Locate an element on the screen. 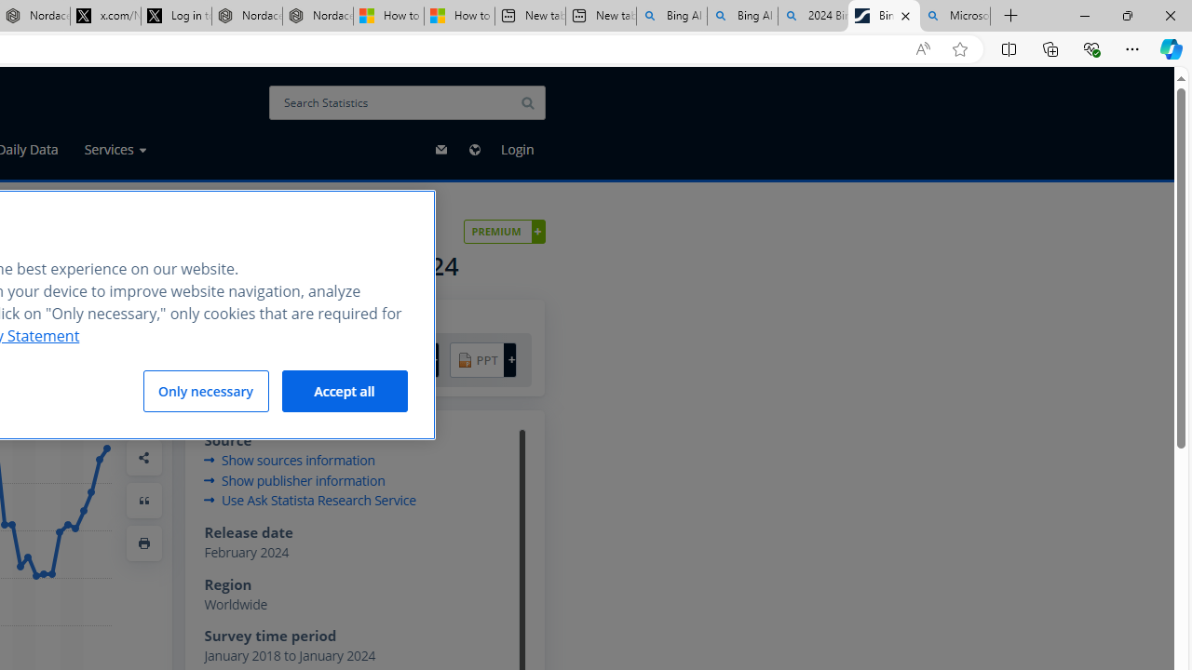  'Login' is located at coordinates (518, 148).